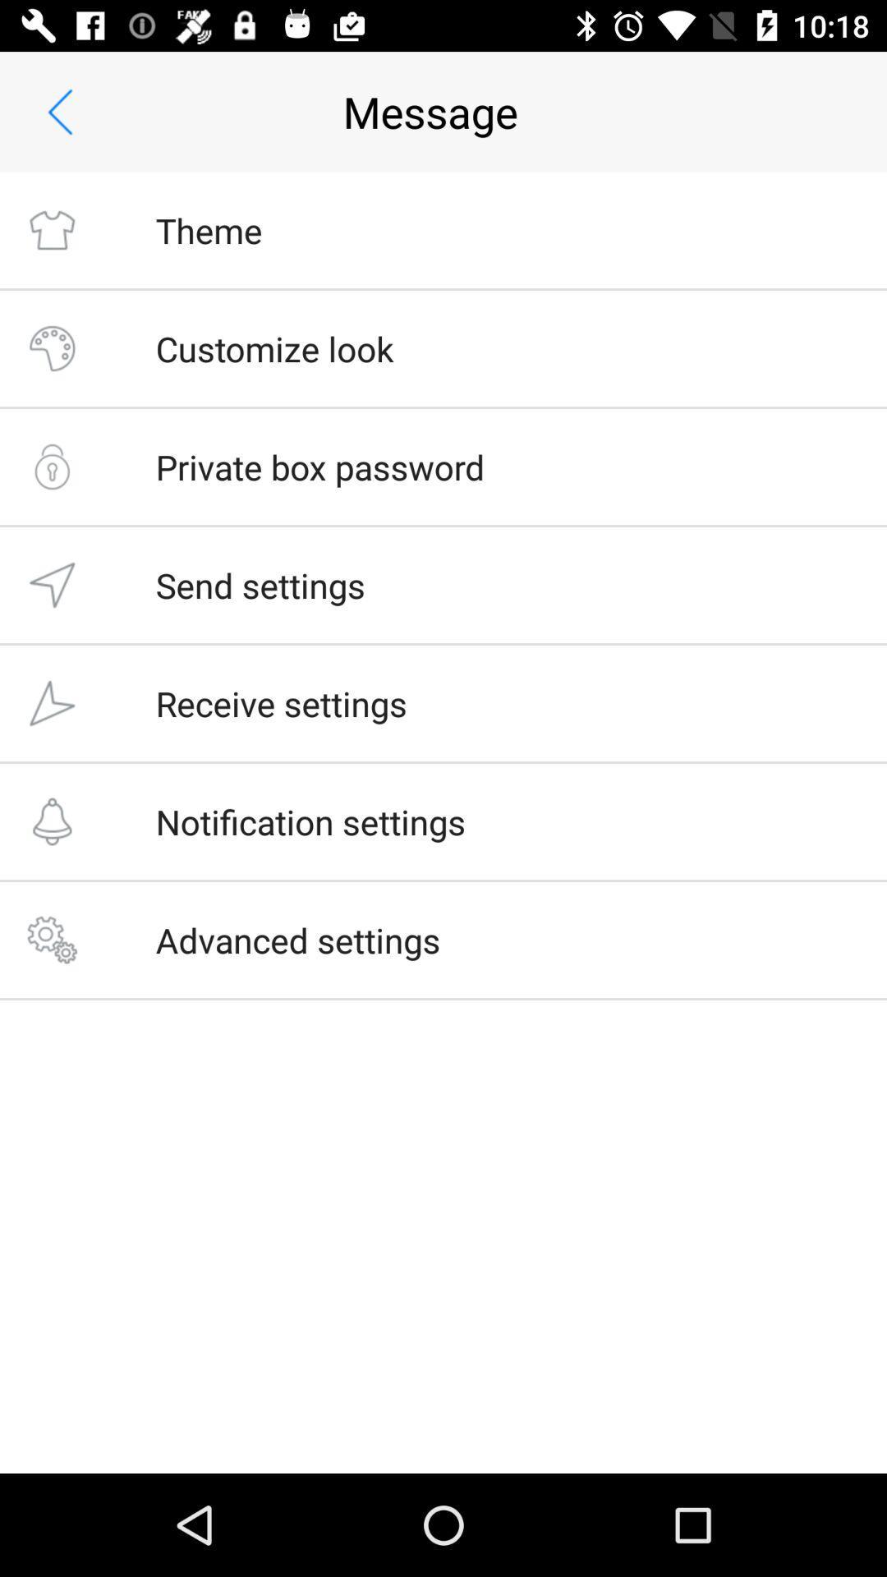 This screenshot has width=887, height=1577. Describe the element at coordinates (51, 821) in the screenshot. I see `the icon next to notification settings` at that location.